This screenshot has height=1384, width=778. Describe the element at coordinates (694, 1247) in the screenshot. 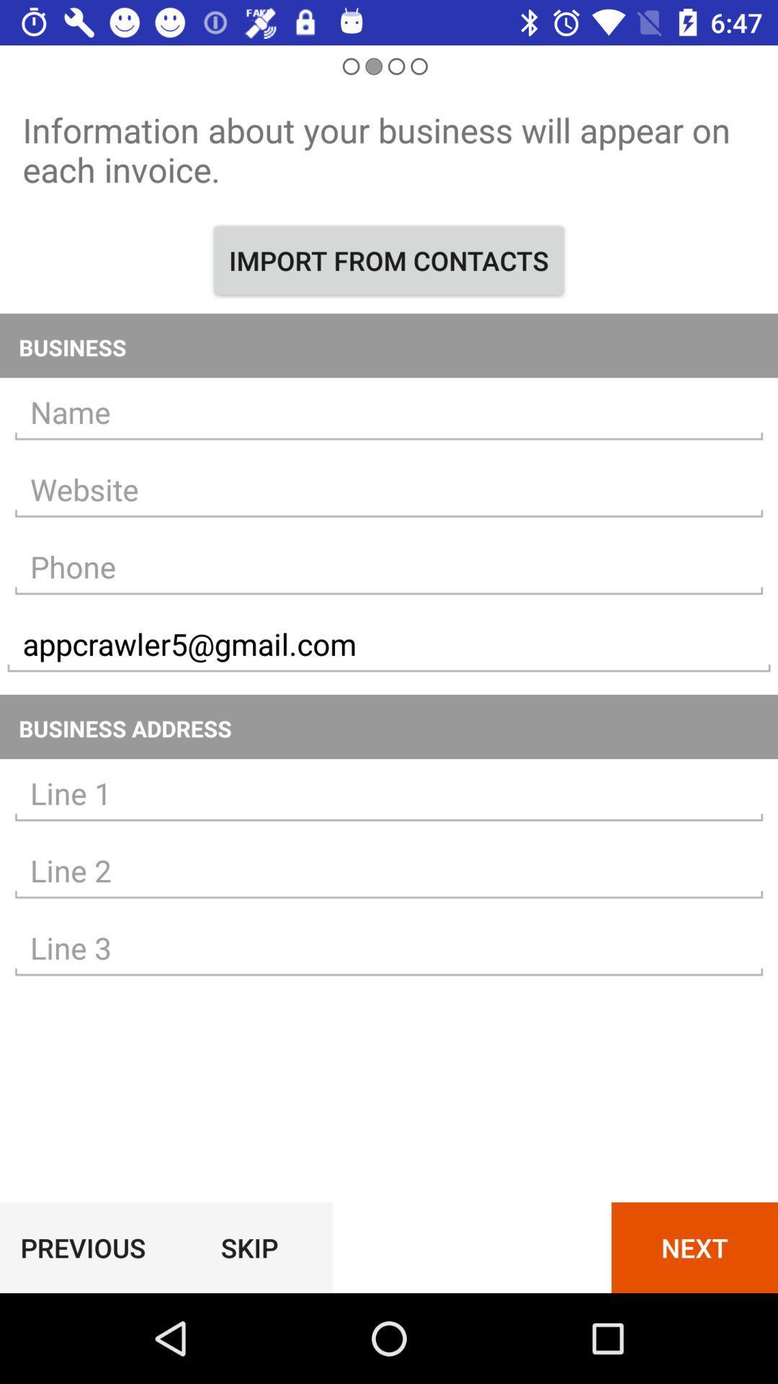

I see `icon next to the skip item` at that location.